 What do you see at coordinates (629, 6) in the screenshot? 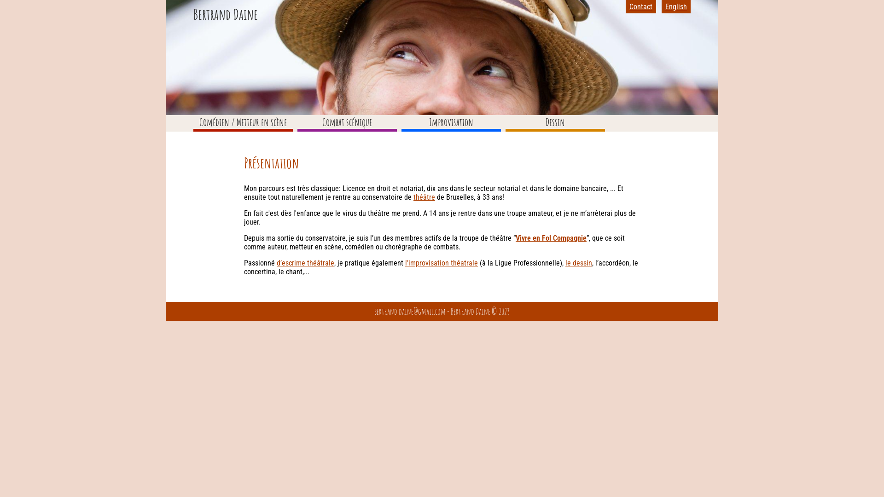
I see `'Contact'` at bounding box center [629, 6].